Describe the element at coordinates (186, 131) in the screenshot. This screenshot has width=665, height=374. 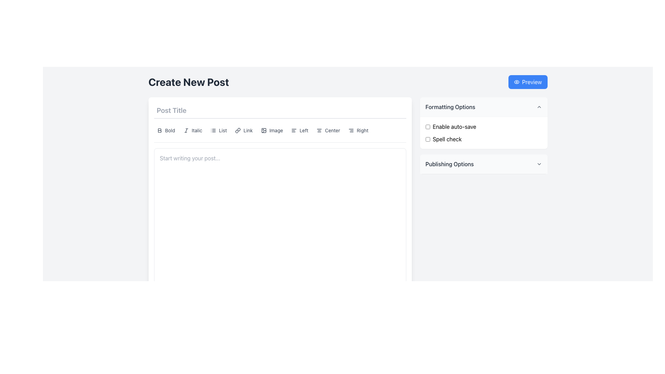
I see `the italicized 'I' icon button in the text formatting bar under the 'Post Title' section` at that location.